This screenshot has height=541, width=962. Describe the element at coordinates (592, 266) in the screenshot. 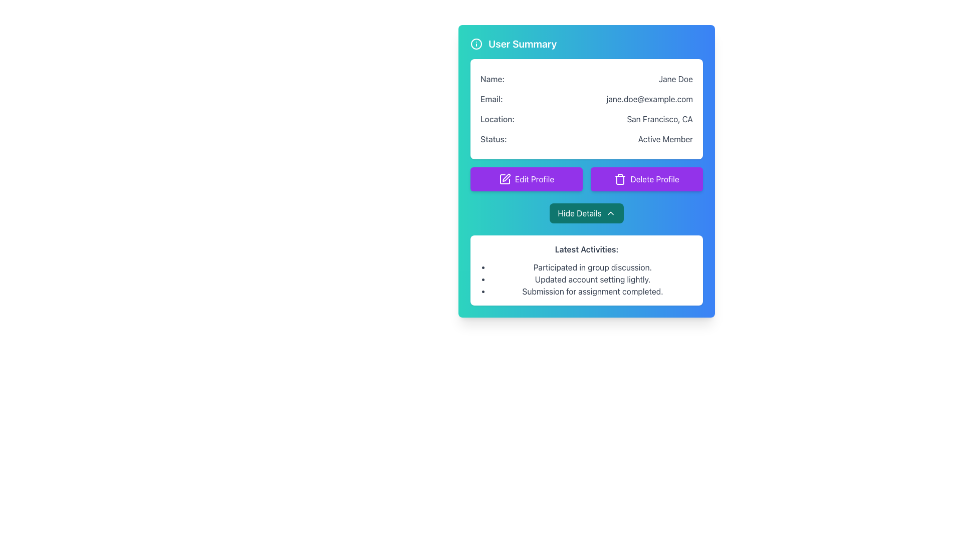

I see `the static text element reading 'Participated in group discussion.' which is the first item in the bullet point list under the 'Latest Activities:' section of a user profile card` at that location.